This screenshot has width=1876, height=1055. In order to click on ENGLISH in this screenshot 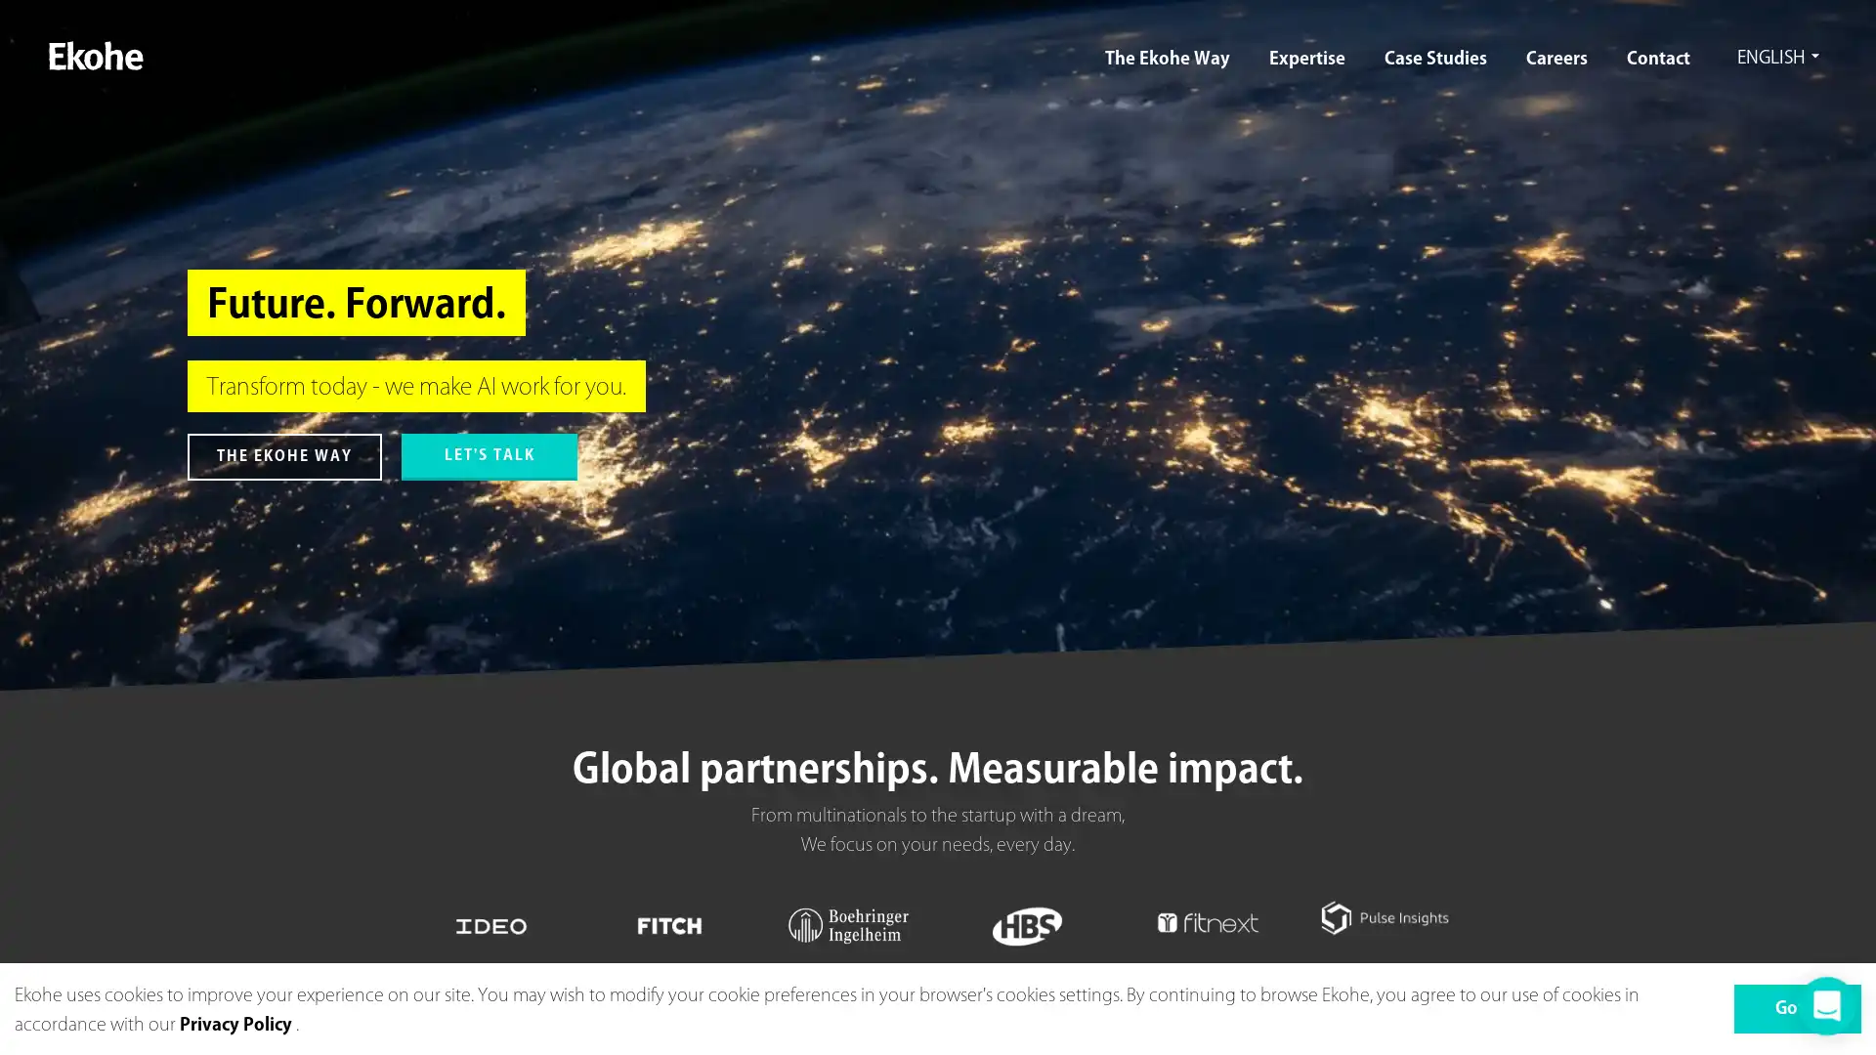, I will do `click(1772, 58)`.